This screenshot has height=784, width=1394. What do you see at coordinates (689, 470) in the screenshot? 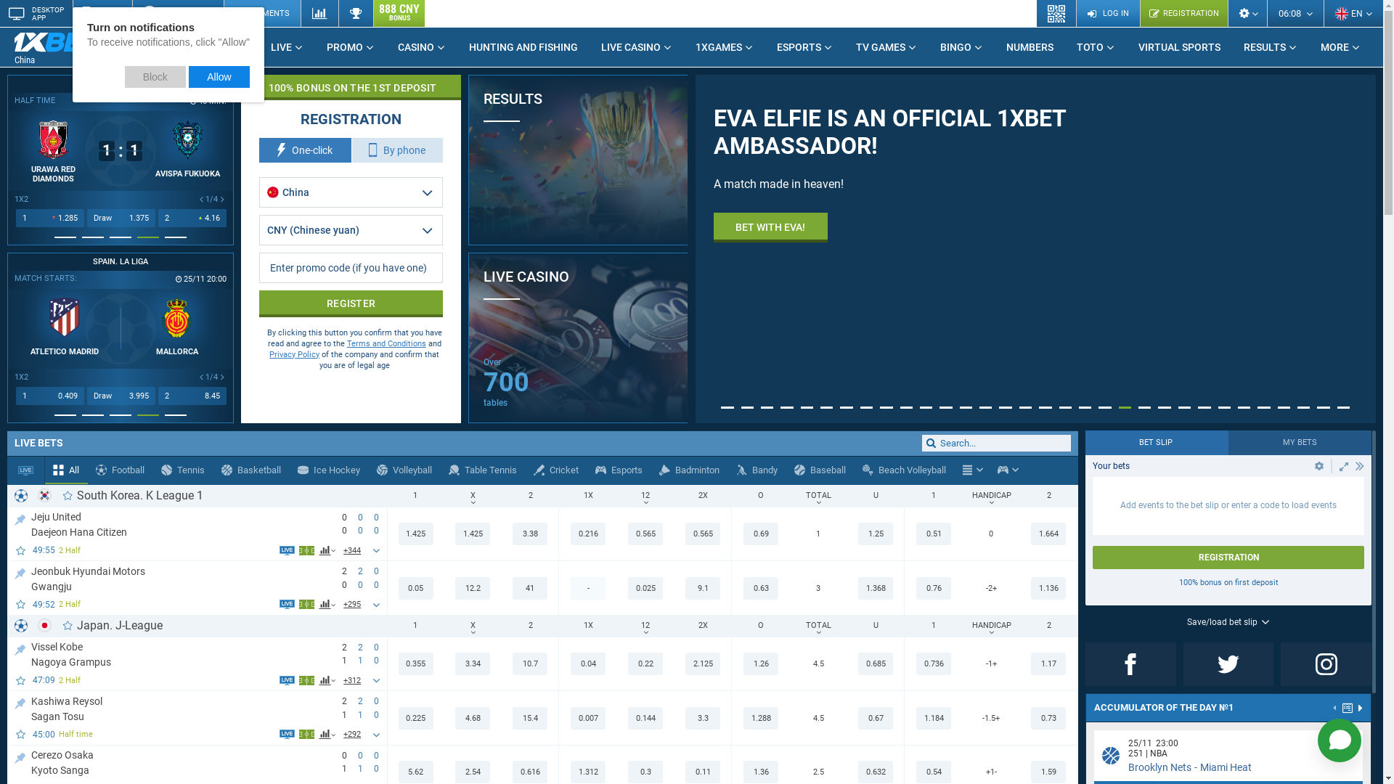
I see `'Badminton'` at bounding box center [689, 470].